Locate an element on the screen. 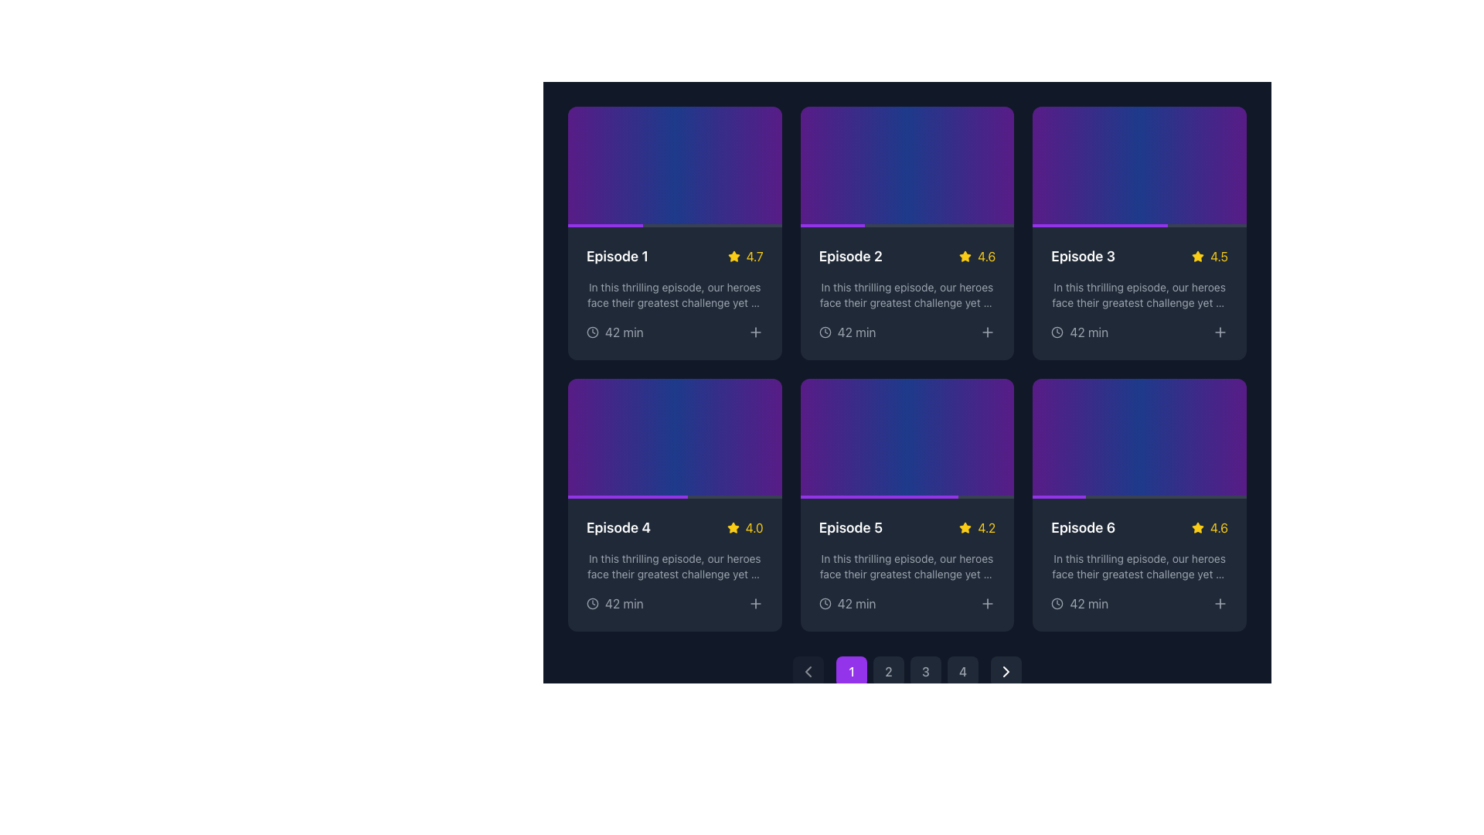  the rating icon for Episode 4, located at the bottom left of the card, next to the numerical rating of '4.0' is located at coordinates (732, 527).